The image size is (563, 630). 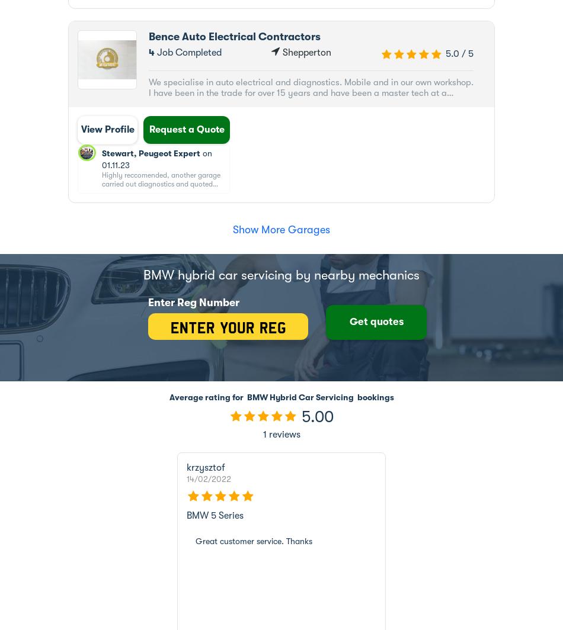 I want to click on 'Bence Auto Electrical Contractors', so click(x=233, y=37).